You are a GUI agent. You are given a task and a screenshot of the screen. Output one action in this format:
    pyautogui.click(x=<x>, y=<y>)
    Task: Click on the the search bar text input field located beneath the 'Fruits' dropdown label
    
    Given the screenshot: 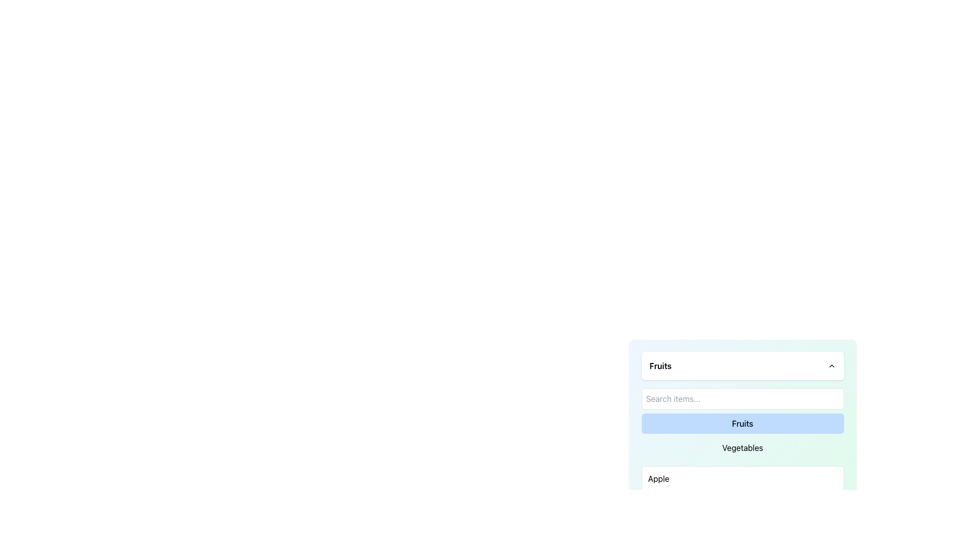 What is the action you would take?
    pyautogui.click(x=742, y=408)
    